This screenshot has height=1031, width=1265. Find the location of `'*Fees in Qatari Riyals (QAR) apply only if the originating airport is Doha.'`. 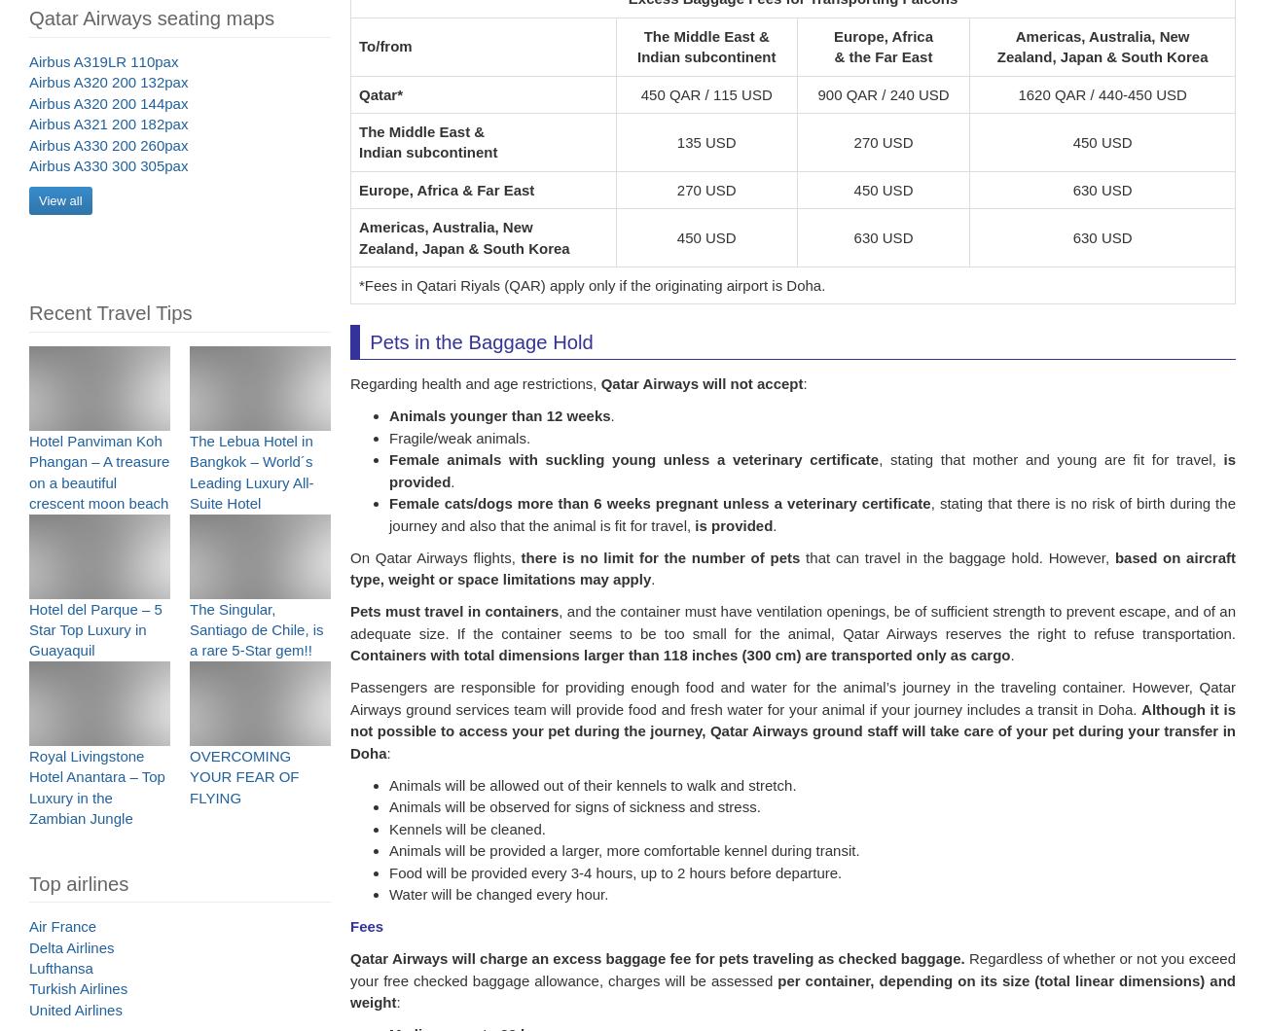

'*Fees in Qatari Riyals (QAR) apply only if the originating airport is Doha.' is located at coordinates (592, 297).